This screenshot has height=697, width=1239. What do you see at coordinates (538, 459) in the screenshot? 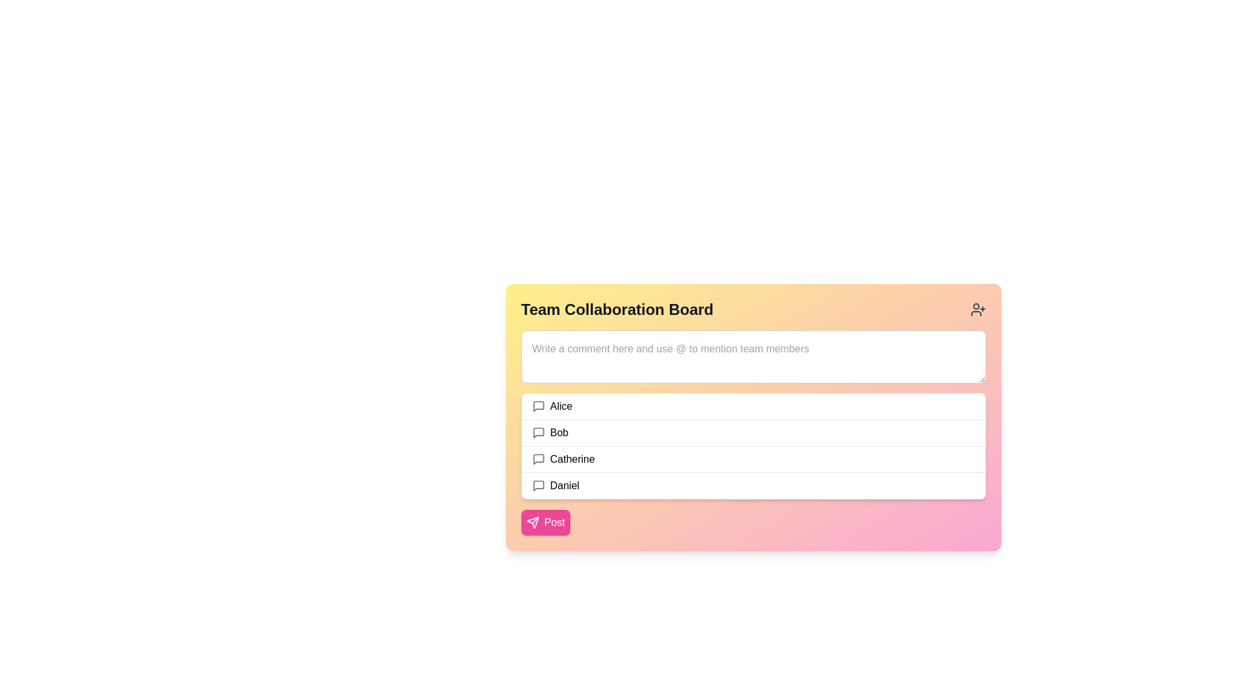
I see `the messaging or commenting icon located to the left of the 'Catherine' label in the 'Team Collaboration Board'` at bounding box center [538, 459].